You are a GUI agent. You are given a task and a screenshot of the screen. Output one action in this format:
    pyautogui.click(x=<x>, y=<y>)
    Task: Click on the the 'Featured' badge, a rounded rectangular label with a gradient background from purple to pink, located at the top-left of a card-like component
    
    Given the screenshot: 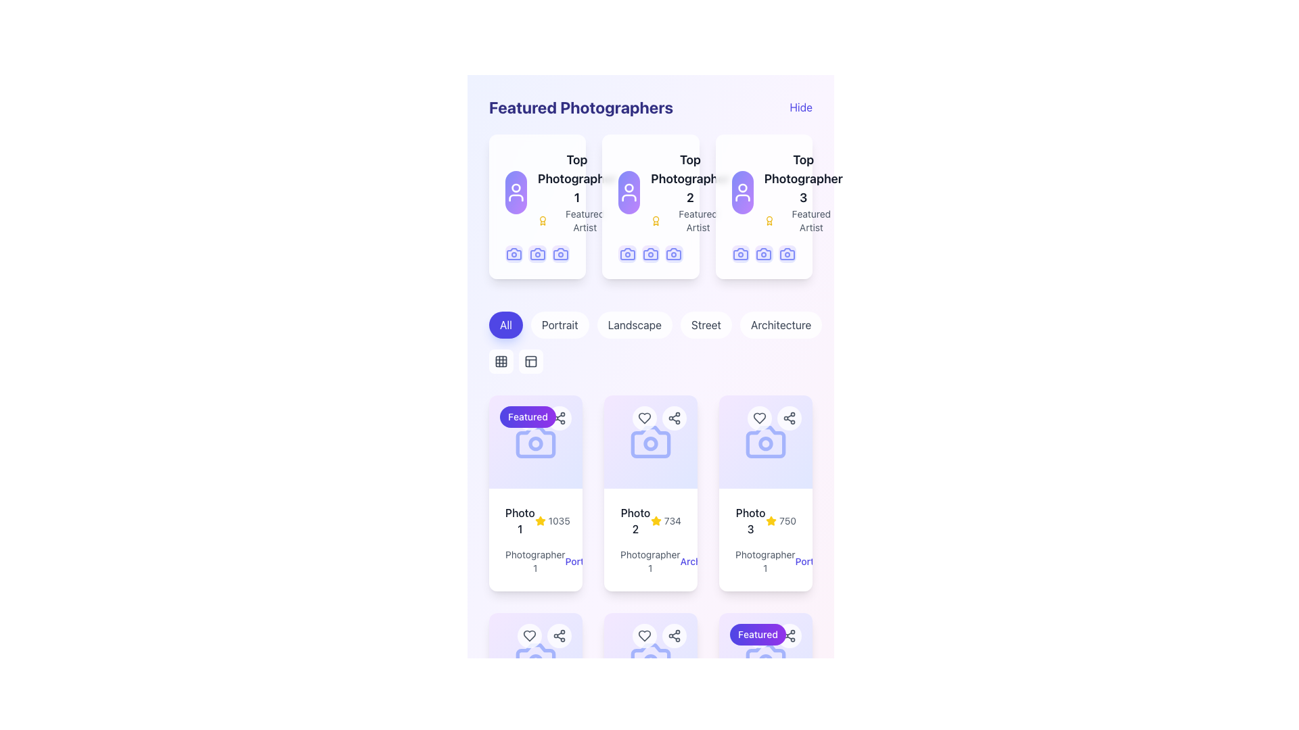 What is the action you would take?
    pyautogui.click(x=545, y=417)
    